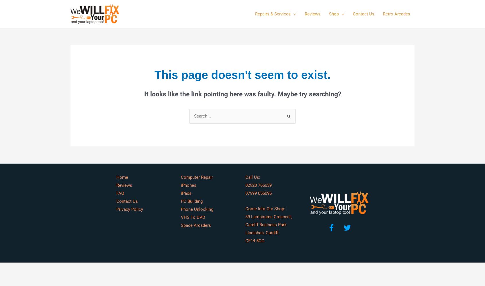 This screenshot has height=286, width=485. What do you see at coordinates (262, 232) in the screenshot?
I see `'Llanishen, Cardiff.'` at bounding box center [262, 232].